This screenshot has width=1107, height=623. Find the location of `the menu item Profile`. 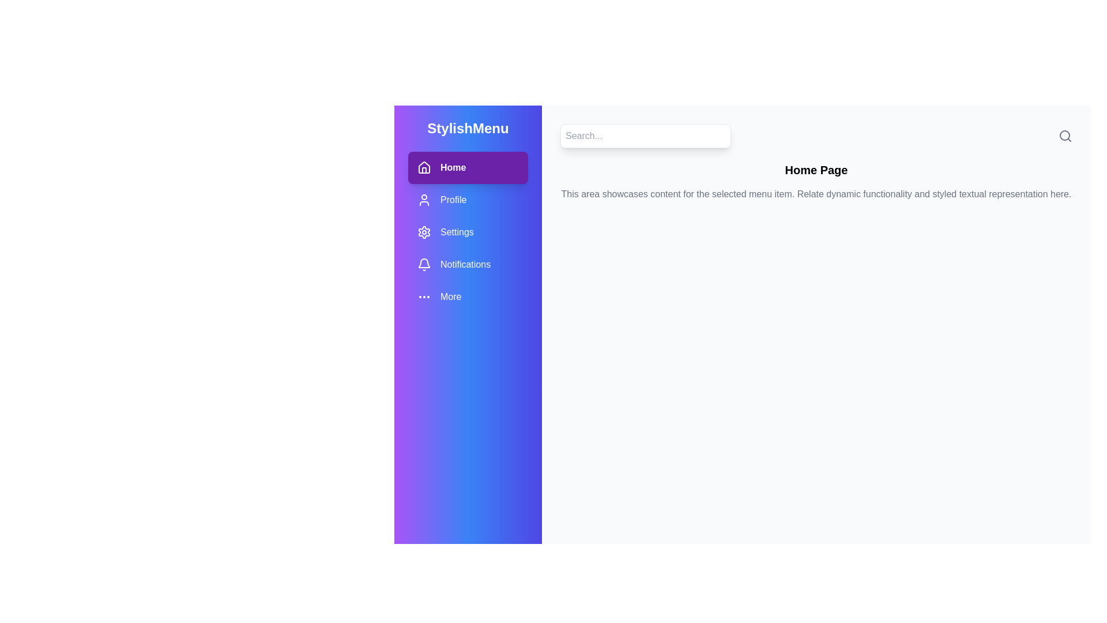

the menu item Profile is located at coordinates (468, 200).